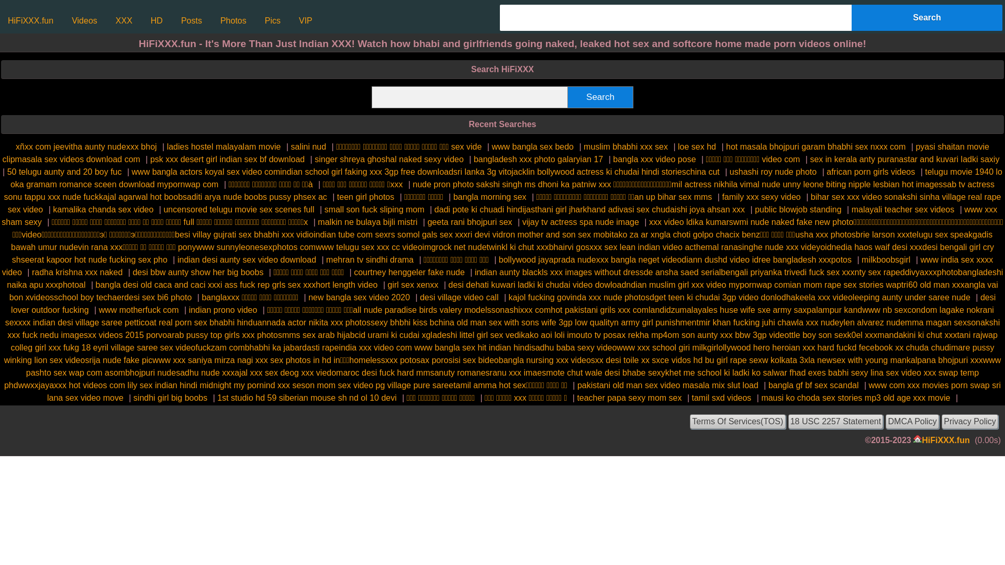 Image resolution: width=1005 pixels, height=565 pixels. Describe the element at coordinates (156, 20) in the screenshot. I see `'HD'` at that location.